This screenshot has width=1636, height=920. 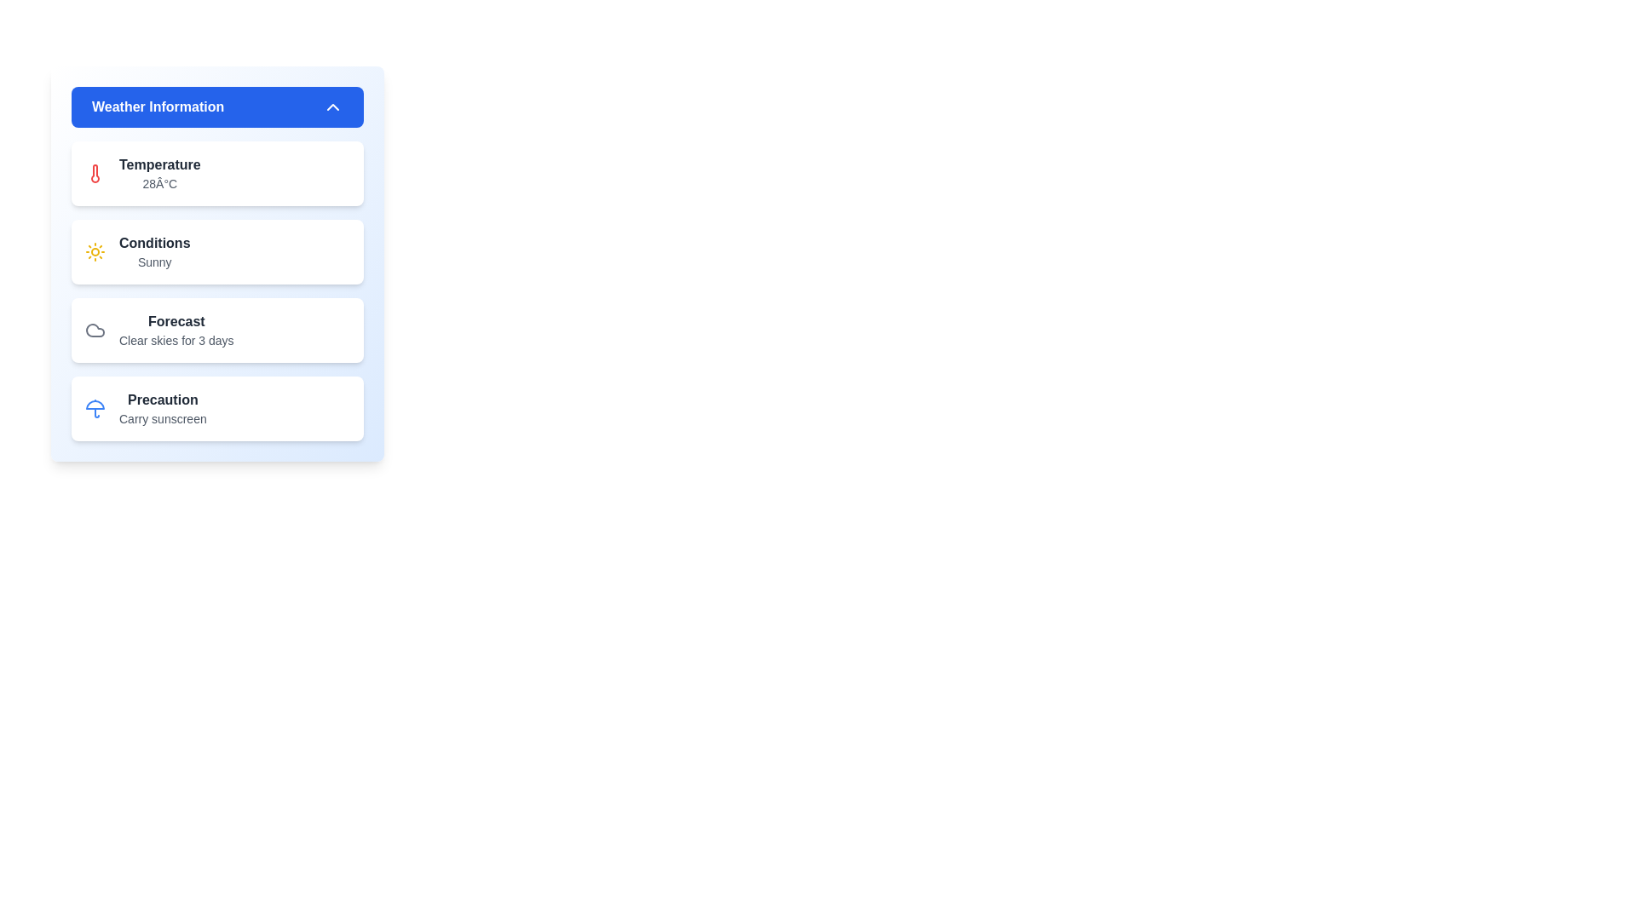 I want to click on text information displayed in the Text block titled 'Forecast' with the content 'Clear skies for 3 days', which is located centrally within the third card of the 'Weather Information' section, so click(x=176, y=331).